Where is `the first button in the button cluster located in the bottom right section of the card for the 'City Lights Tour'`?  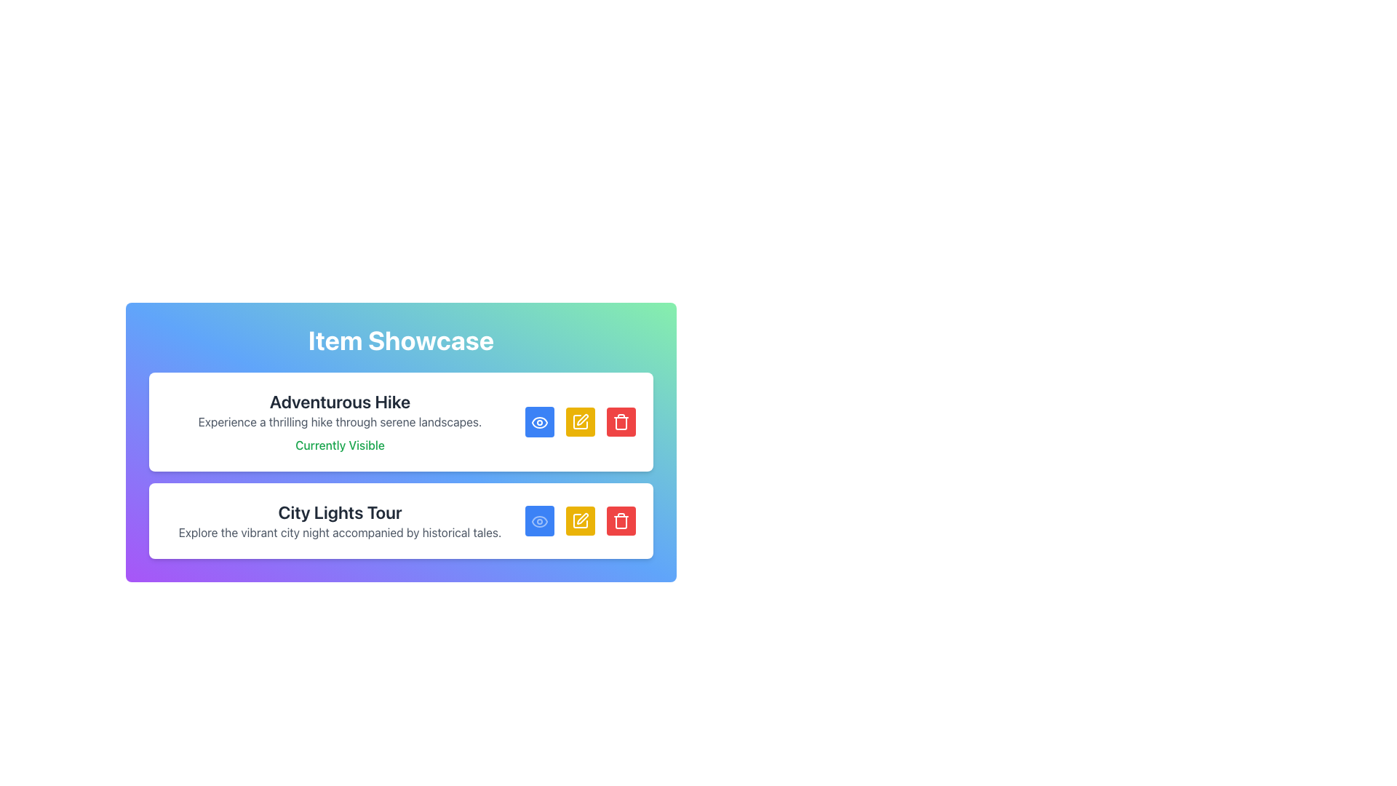 the first button in the button cluster located in the bottom right section of the card for the 'City Lights Tour' is located at coordinates (539, 520).